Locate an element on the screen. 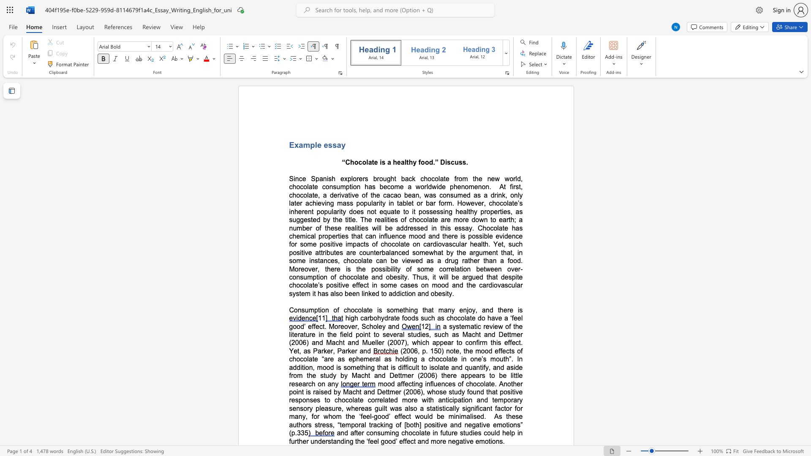  the subset text "ch on" within the text "h”. In addition, mood is something that is difficult to isolate and quantify, and aside from the study by Macht and Dettmer (2006) there appears to be little research on any" is located at coordinates (308, 384).